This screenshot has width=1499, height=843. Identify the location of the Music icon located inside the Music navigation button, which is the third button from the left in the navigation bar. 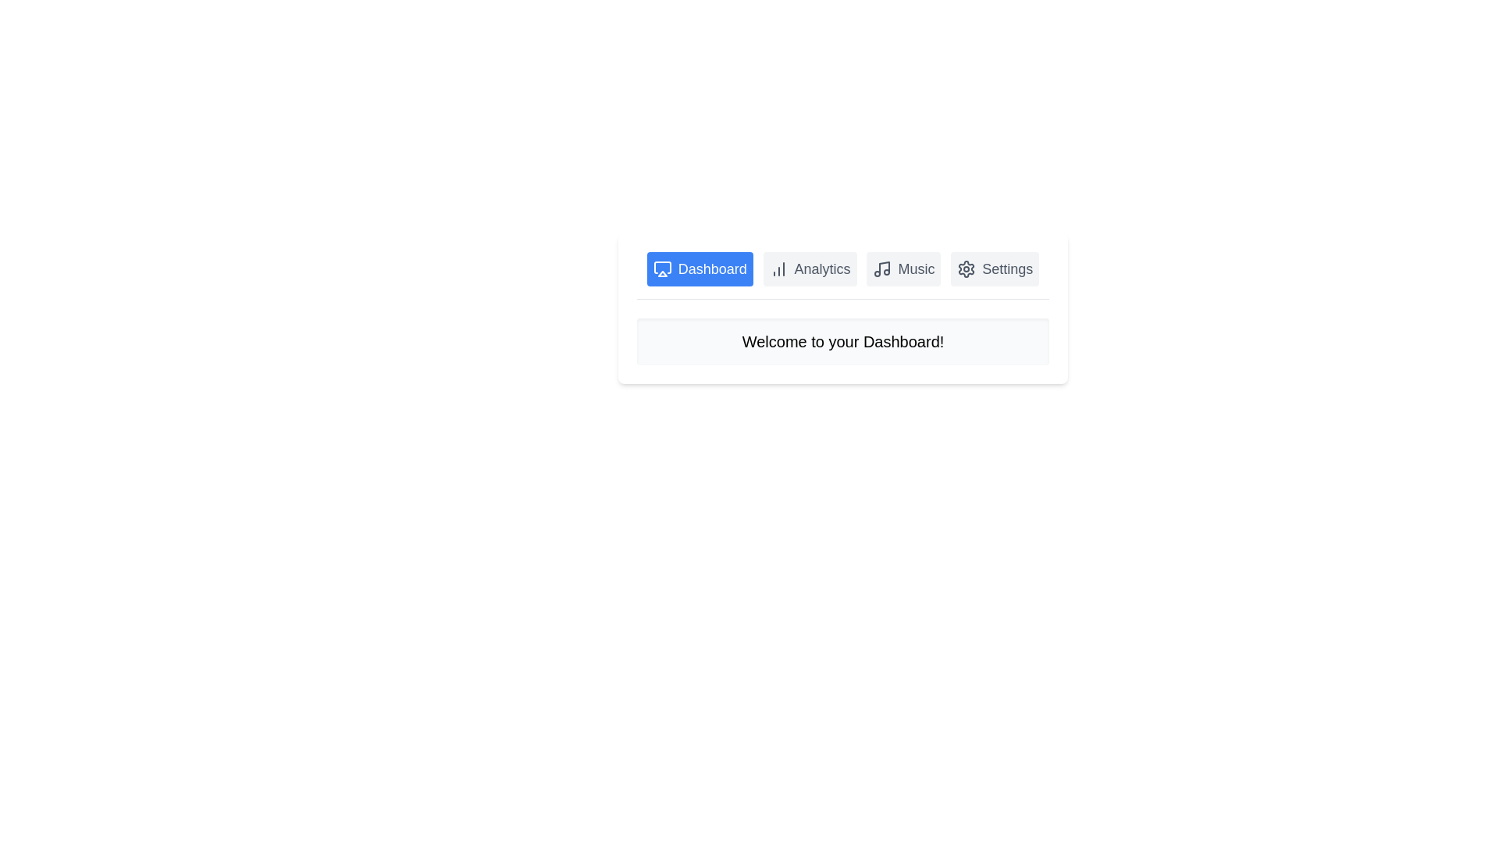
(882, 268).